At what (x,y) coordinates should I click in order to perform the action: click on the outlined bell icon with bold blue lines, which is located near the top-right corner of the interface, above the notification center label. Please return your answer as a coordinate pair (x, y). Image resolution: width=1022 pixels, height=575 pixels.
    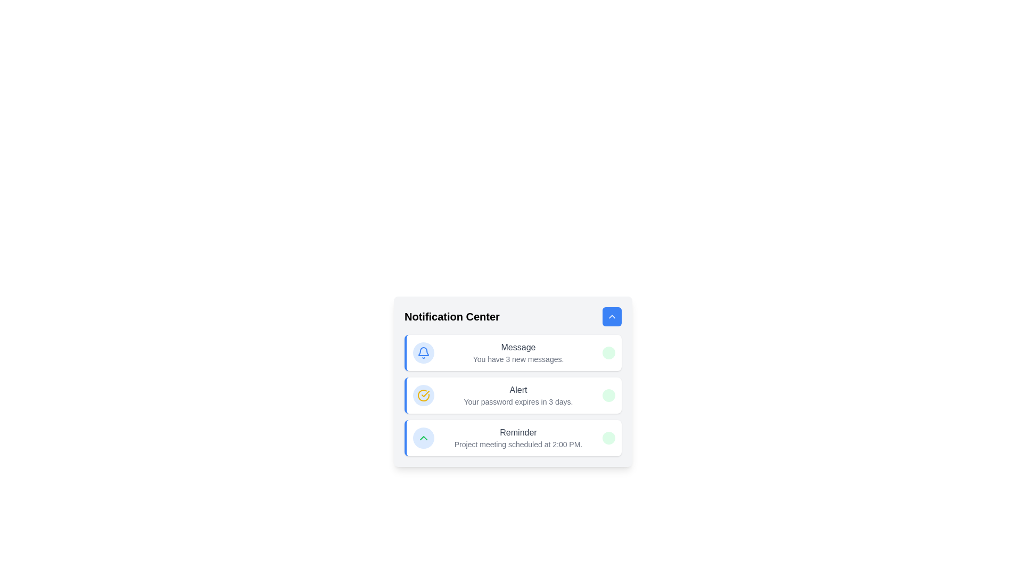
    Looking at the image, I should click on (423, 353).